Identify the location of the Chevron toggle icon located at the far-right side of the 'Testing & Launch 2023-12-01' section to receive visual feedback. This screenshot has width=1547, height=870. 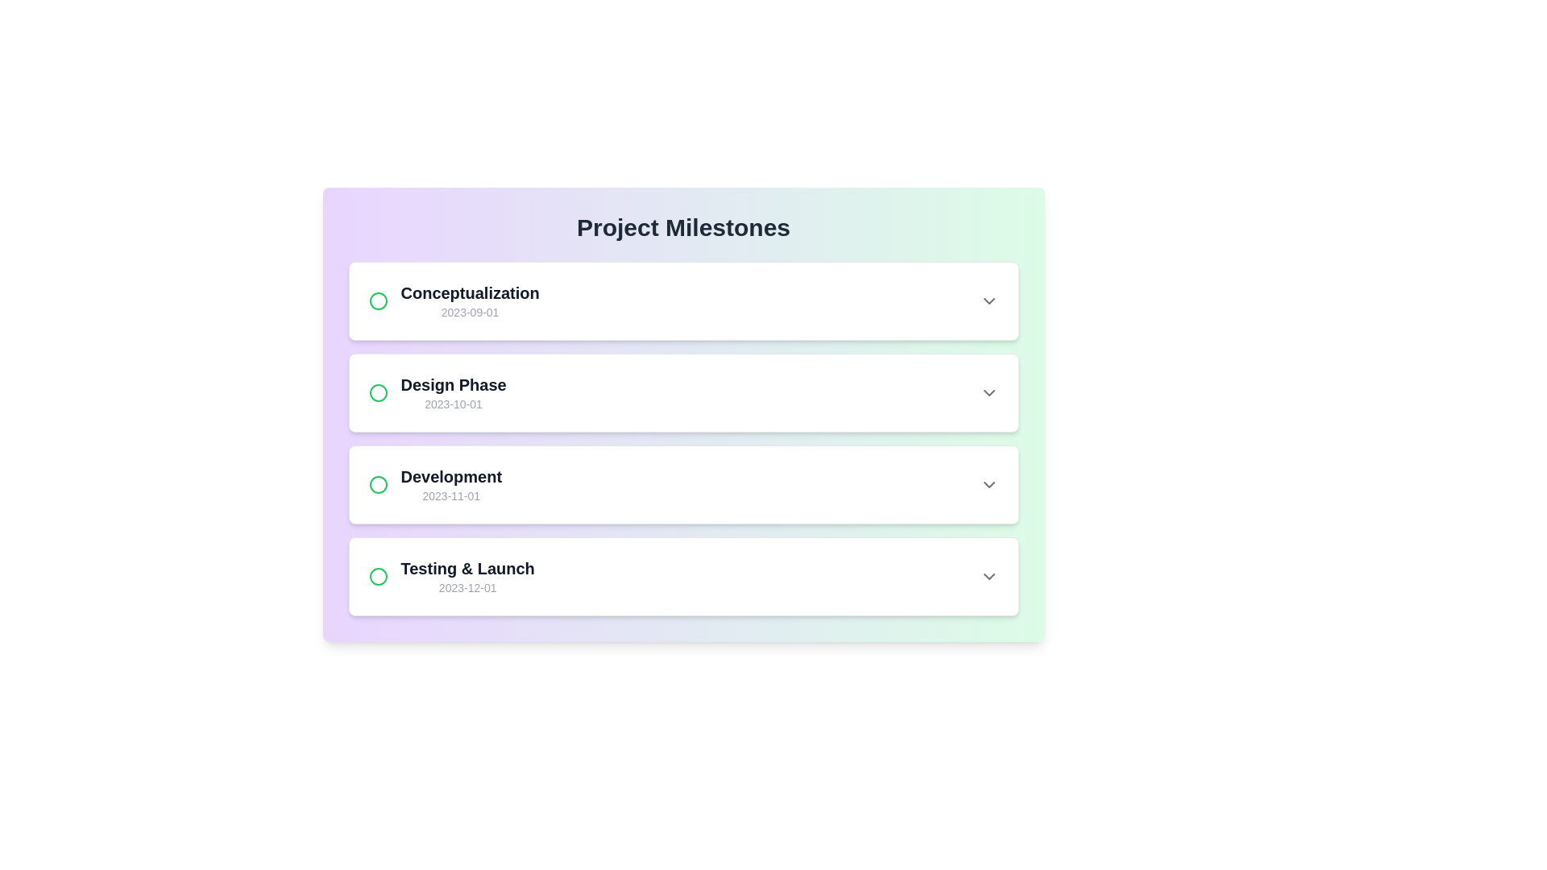
(988, 576).